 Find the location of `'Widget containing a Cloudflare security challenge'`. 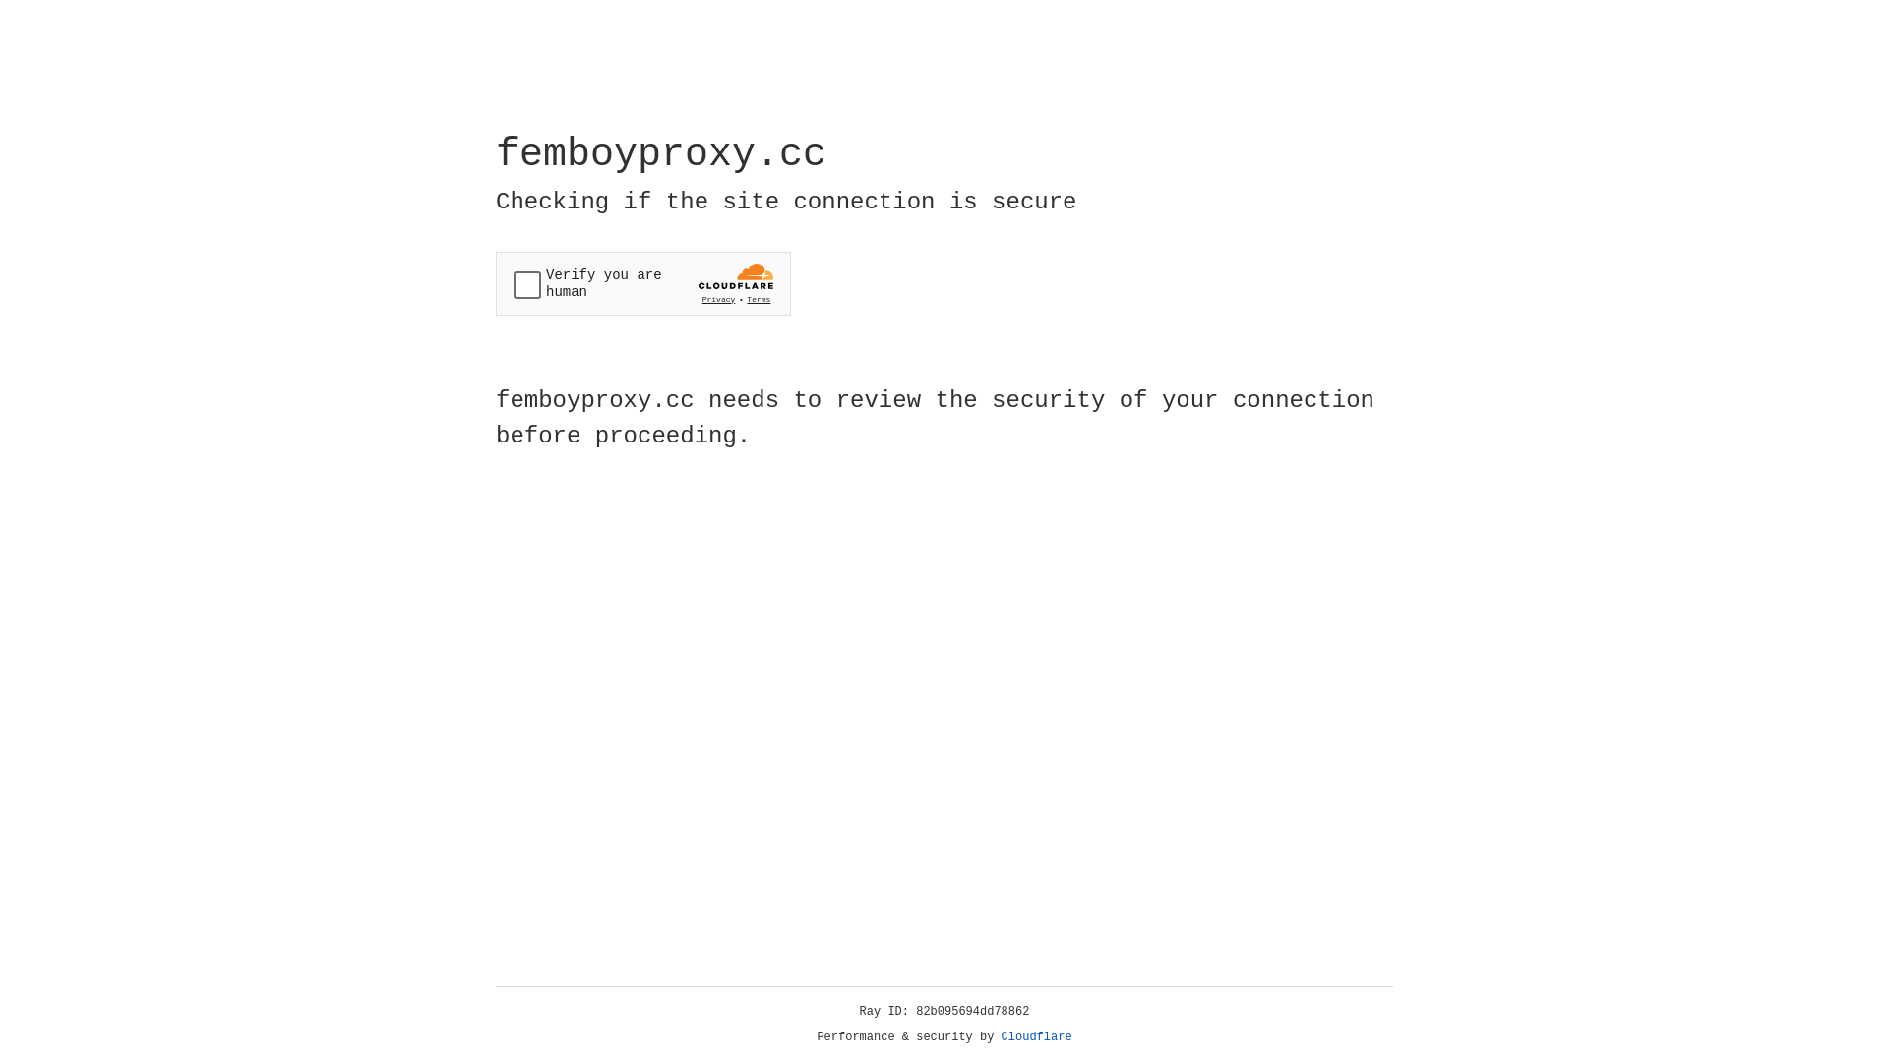

'Widget containing a Cloudflare security challenge' is located at coordinates (642, 283).